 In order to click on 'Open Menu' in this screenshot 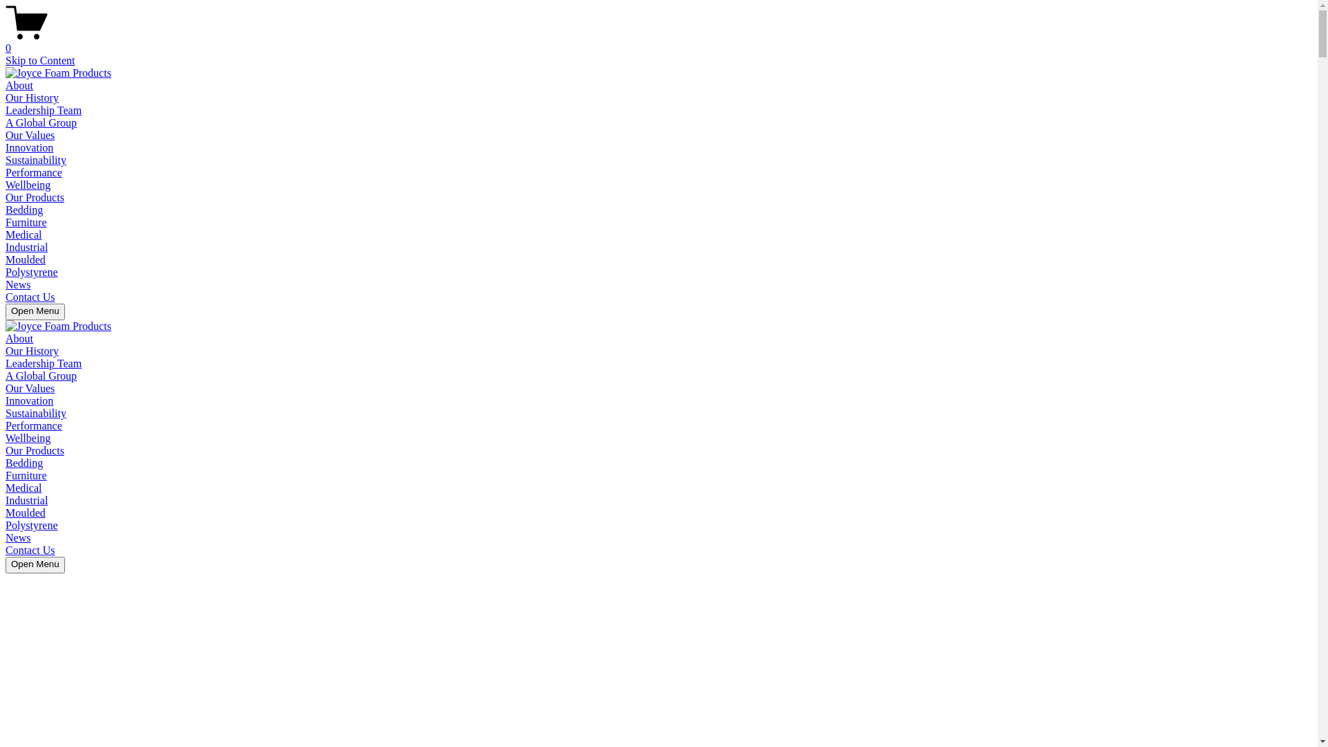, I will do `click(35, 565)`.